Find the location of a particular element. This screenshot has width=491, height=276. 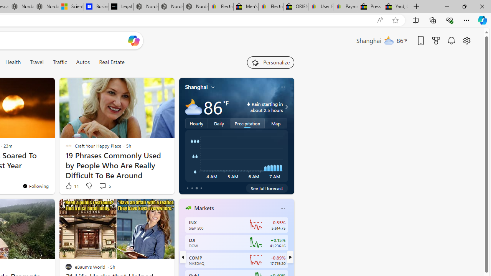

'tab-3' is located at coordinates (201, 188).